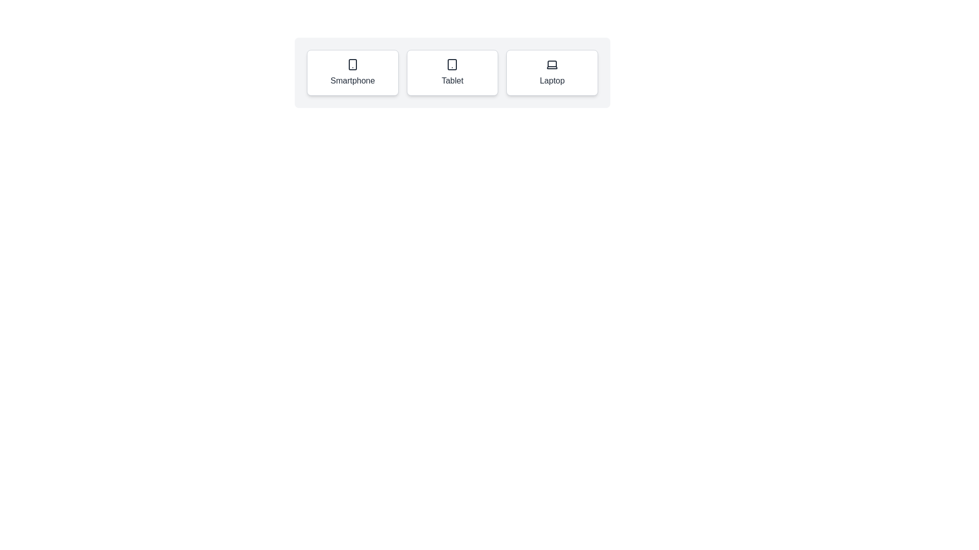  What do you see at coordinates (552, 72) in the screenshot?
I see `the Laptop chip to select it` at bounding box center [552, 72].